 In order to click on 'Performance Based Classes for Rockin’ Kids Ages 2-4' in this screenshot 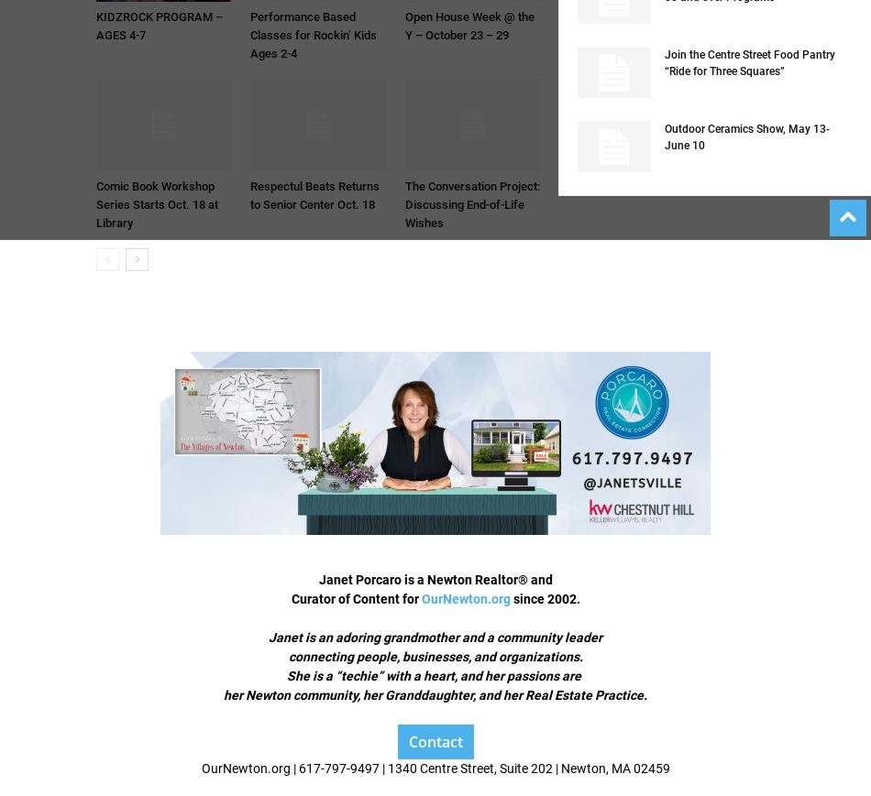, I will do `click(313, 34)`.